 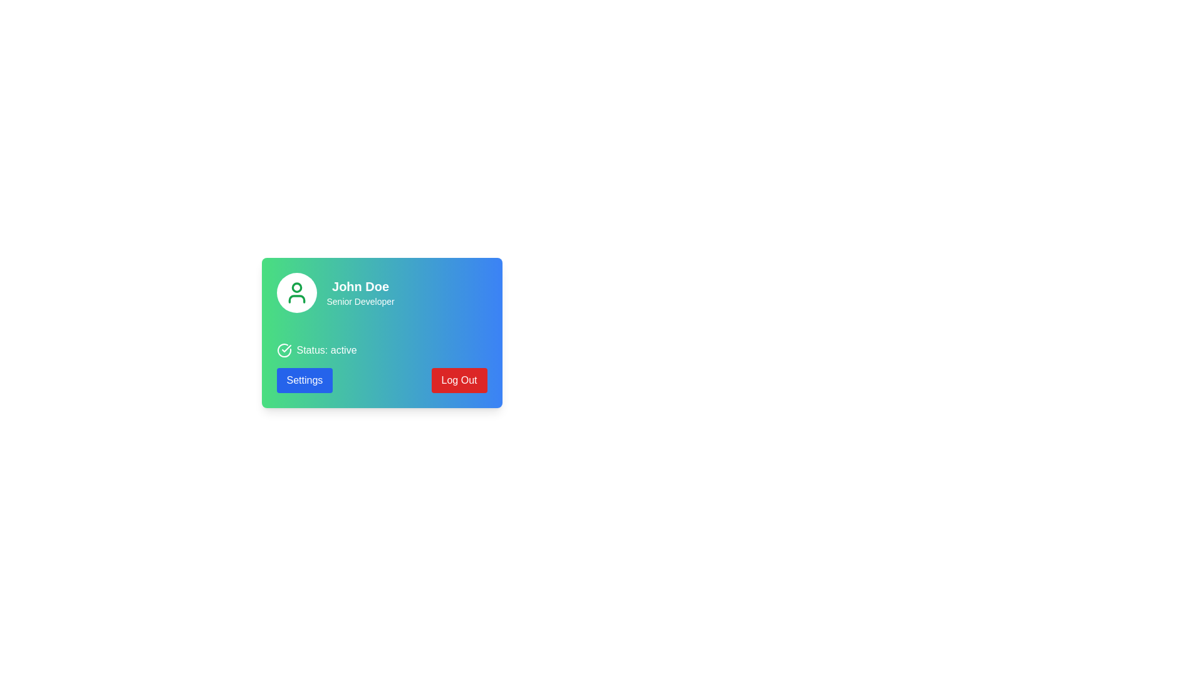 I want to click on the status indicator icon located to the left of the text 'Status: active', so click(x=283, y=350).